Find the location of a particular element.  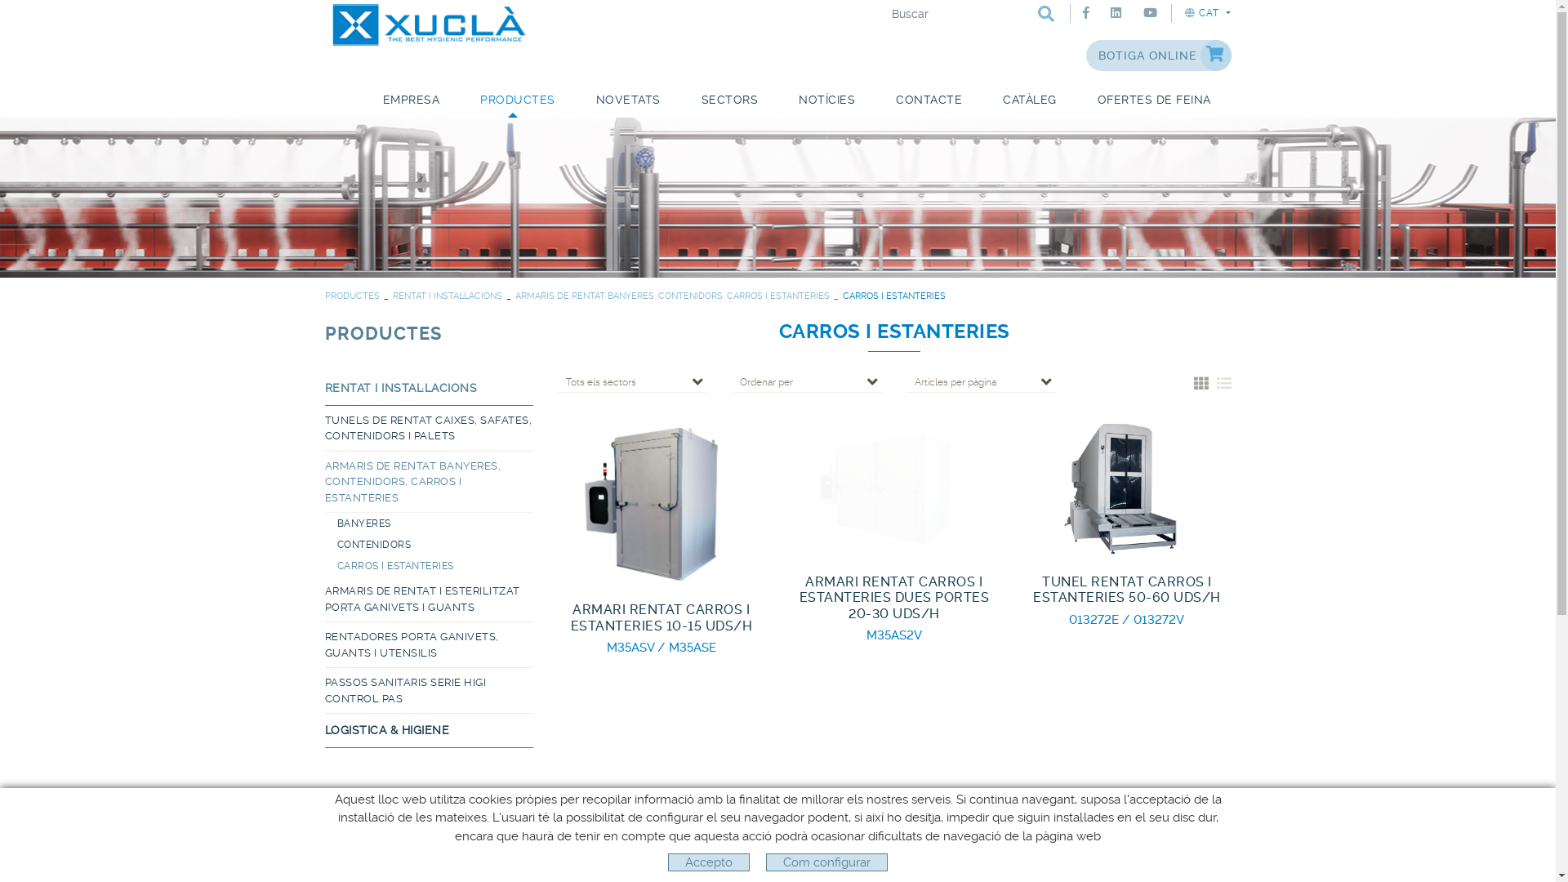

'CAT' is located at coordinates (1207, 12).